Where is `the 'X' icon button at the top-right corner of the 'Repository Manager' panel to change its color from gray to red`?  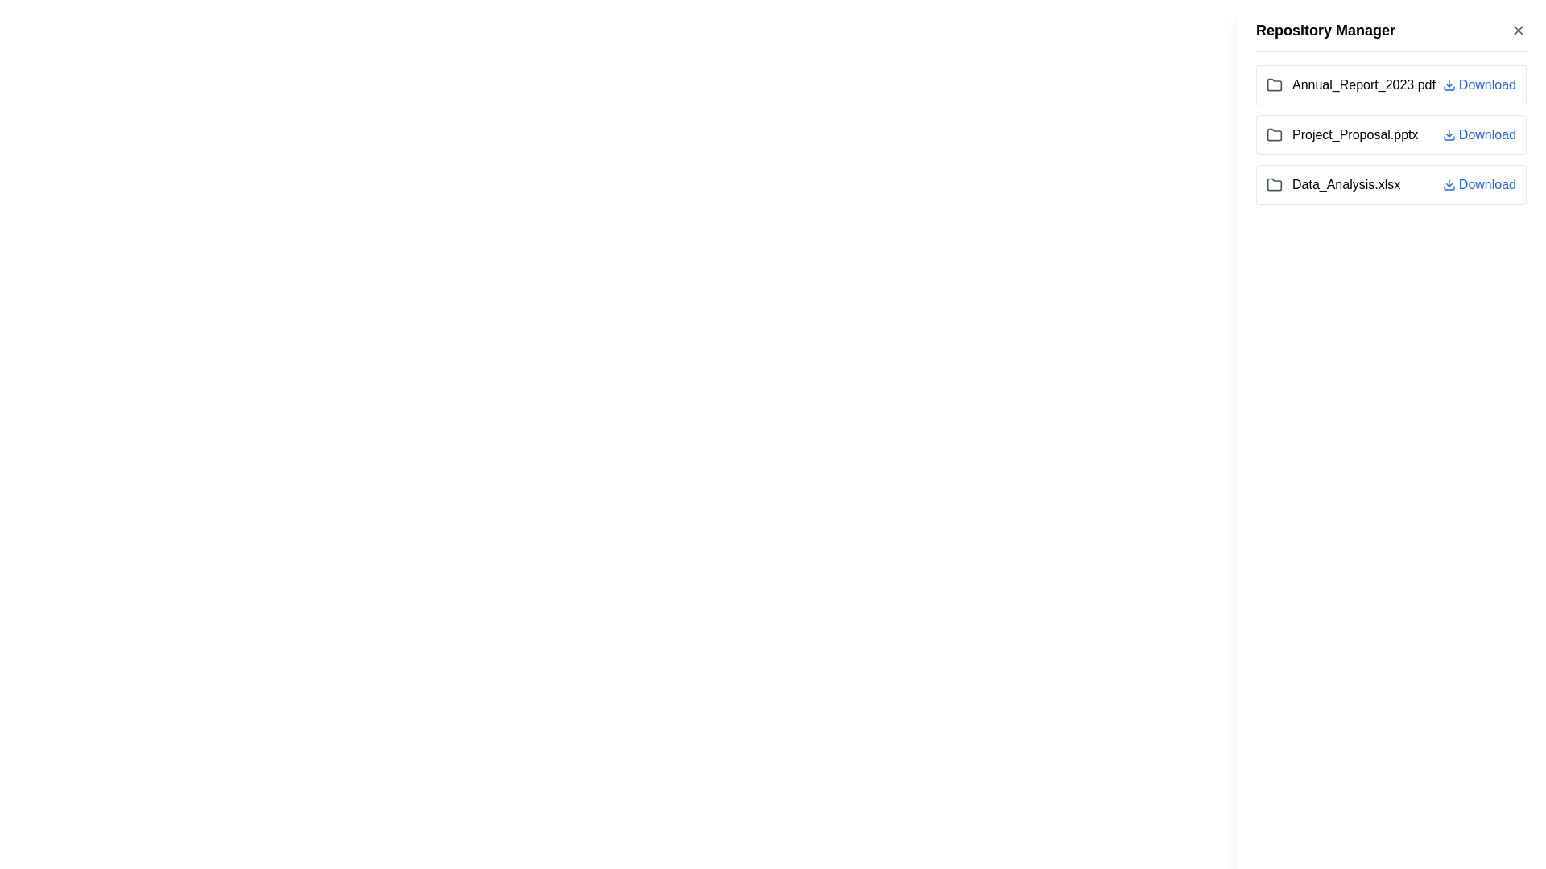
the 'X' icon button at the top-right corner of the 'Repository Manager' panel to change its color from gray to red is located at coordinates (1518, 31).